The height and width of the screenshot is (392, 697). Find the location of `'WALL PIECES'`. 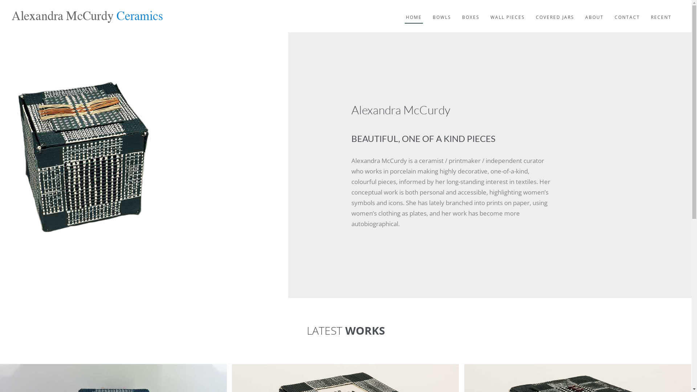

'WALL PIECES' is located at coordinates (507, 12).